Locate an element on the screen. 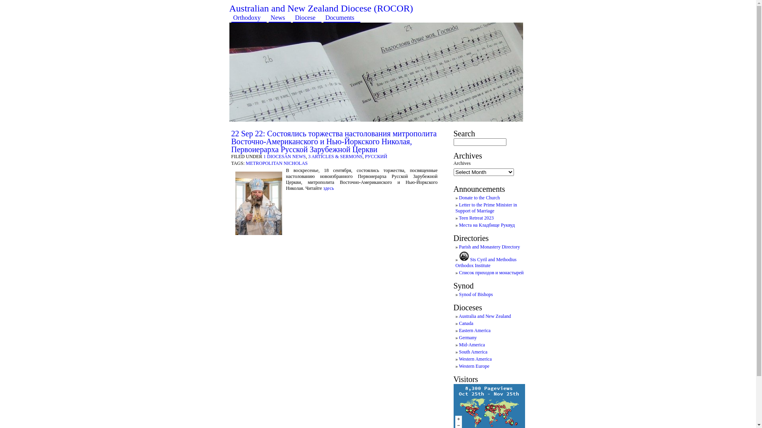  'Parish and Monastery Directory' is located at coordinates (459, 246).